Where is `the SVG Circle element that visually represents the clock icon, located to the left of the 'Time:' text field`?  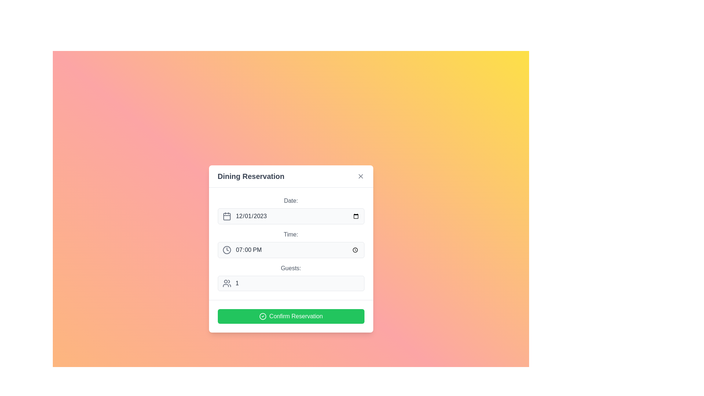
the SVG Circle element that visually represents the clock icon, located to the left of the 'Time:' text field is located at coordinates (226, 250).